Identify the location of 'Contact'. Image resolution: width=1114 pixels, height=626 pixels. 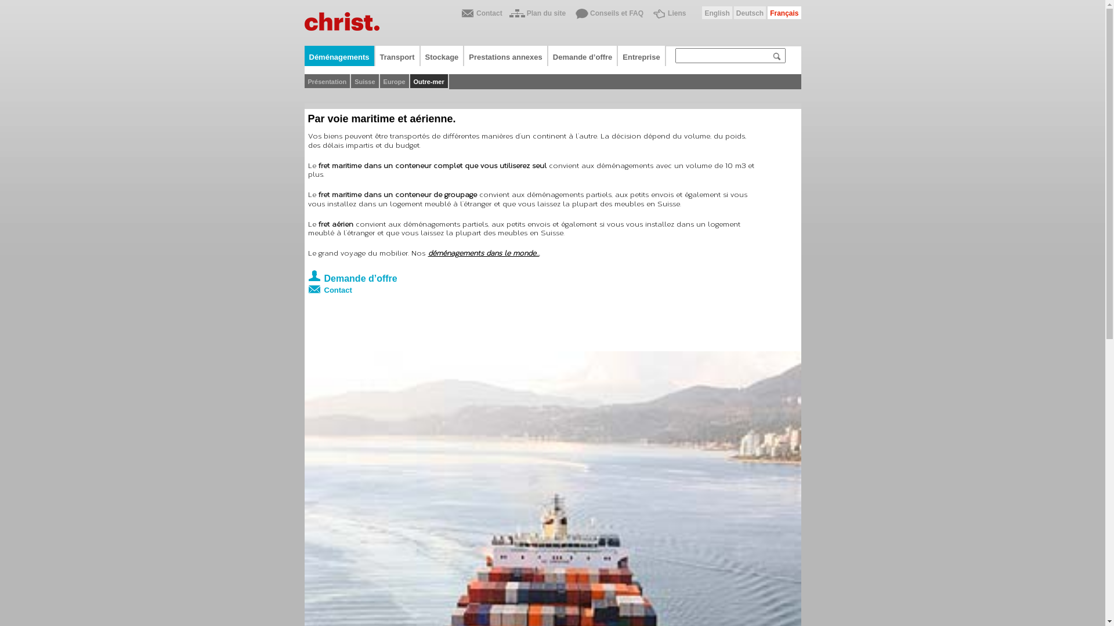
(530, 287).